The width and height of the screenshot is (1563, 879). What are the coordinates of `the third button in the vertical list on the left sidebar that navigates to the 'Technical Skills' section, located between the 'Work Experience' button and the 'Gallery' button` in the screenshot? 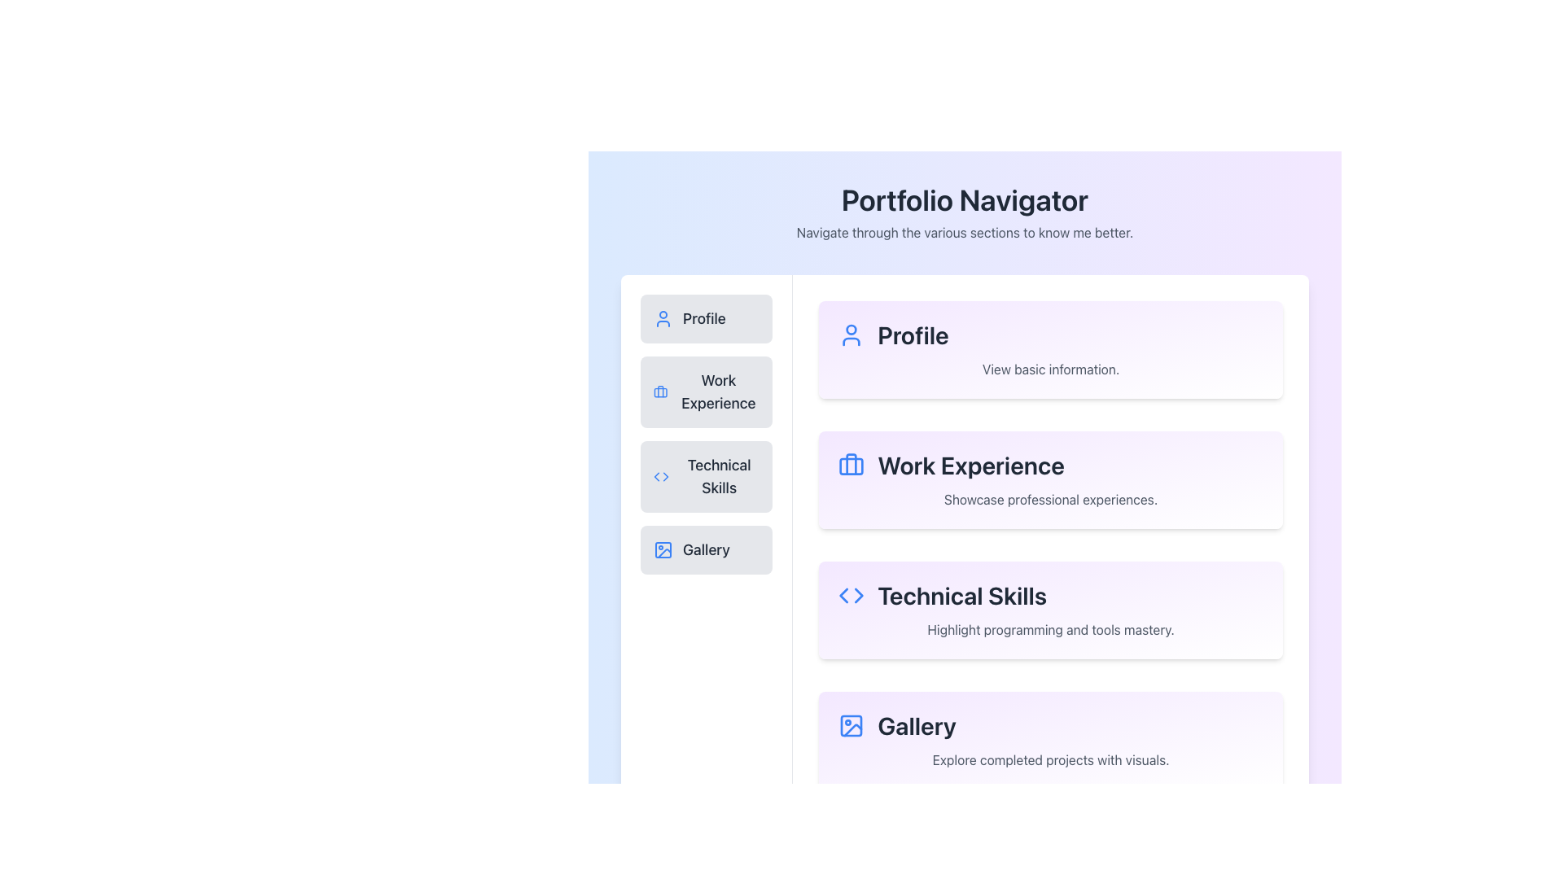 It's located at (707, 476).